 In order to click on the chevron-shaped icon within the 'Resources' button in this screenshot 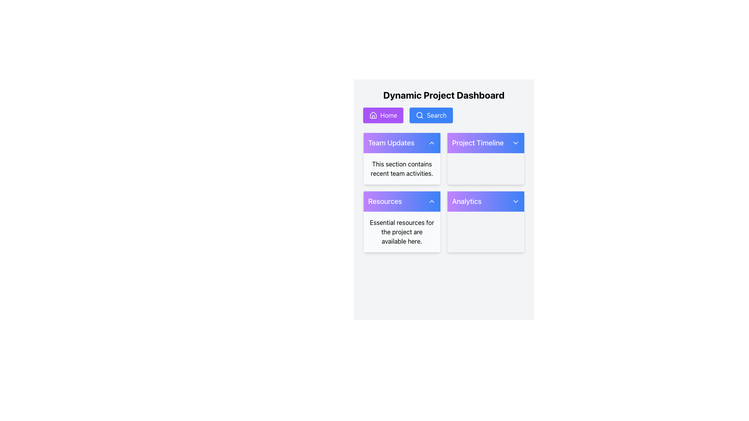, I will do `click(431, 201)`.